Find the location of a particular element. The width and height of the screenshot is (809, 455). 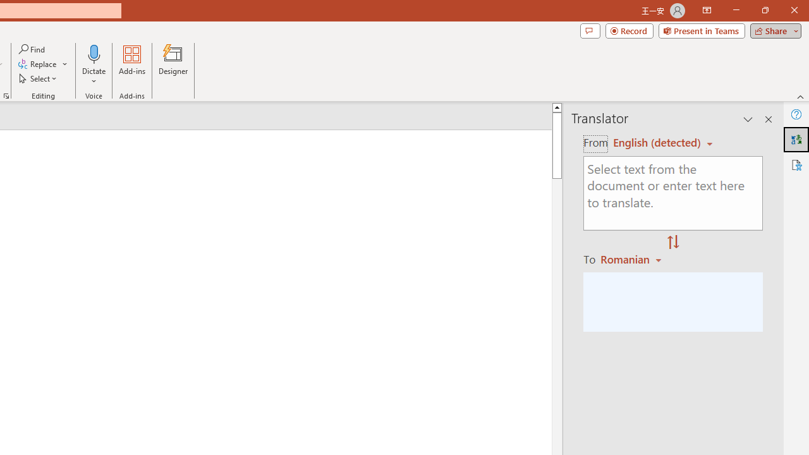

'Czech (detected)' is located at coordinates (657, 142).